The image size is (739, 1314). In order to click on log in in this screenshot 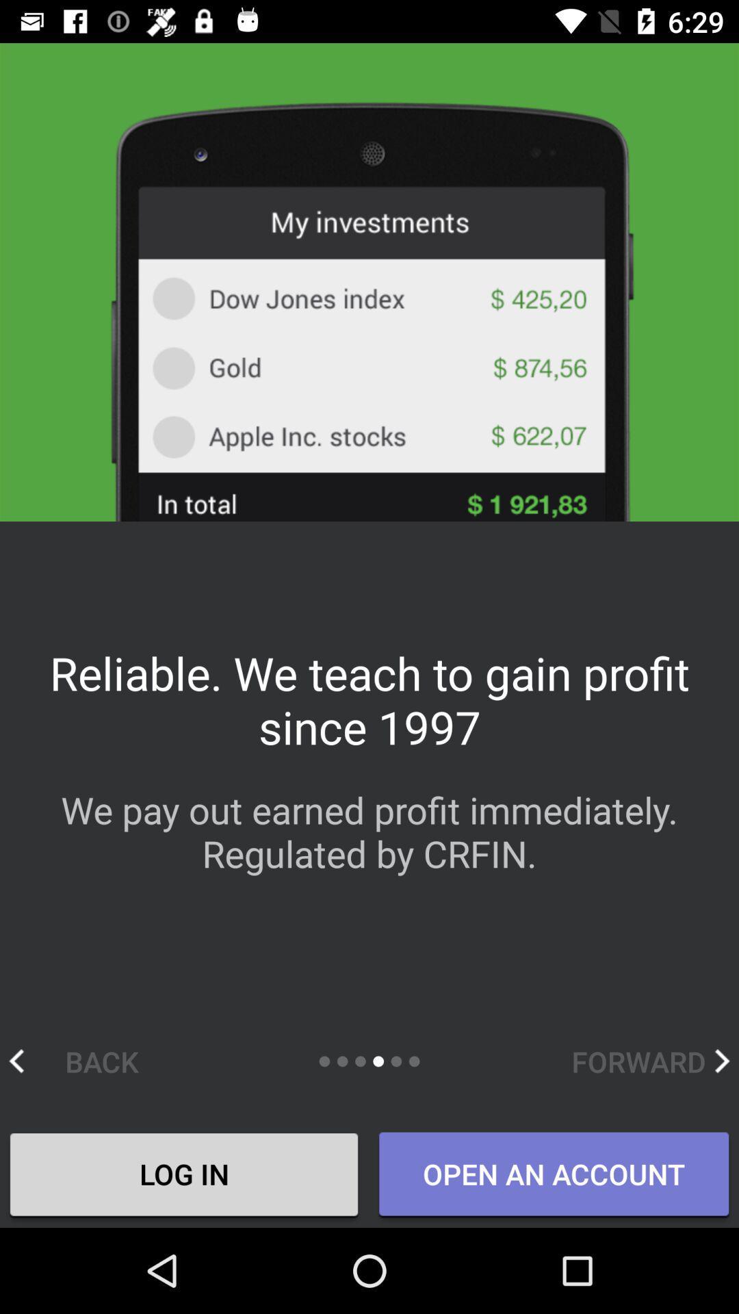, I will do `click(183, 1175)`.